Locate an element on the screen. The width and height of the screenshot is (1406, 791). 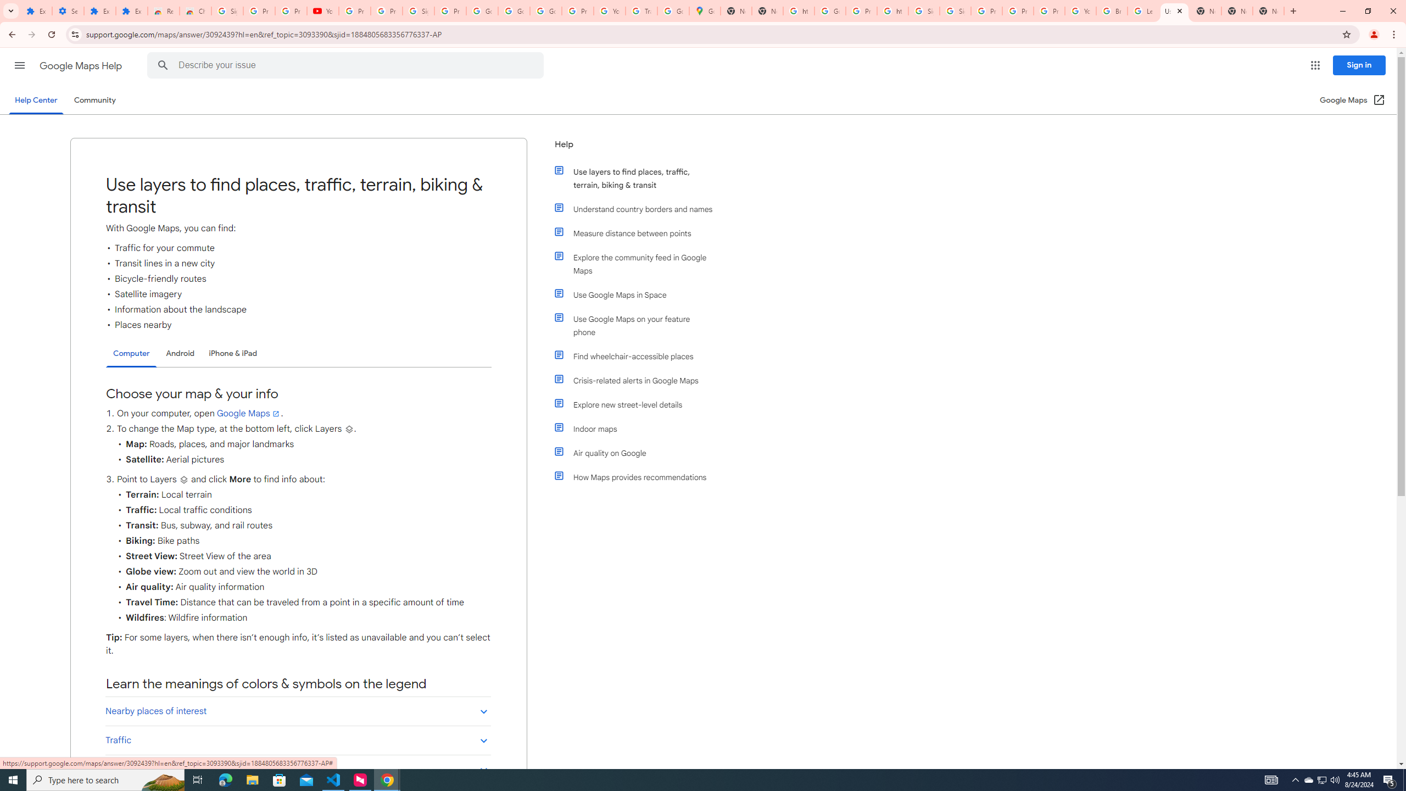
'Google Account' is located at coordinates (513, 10).